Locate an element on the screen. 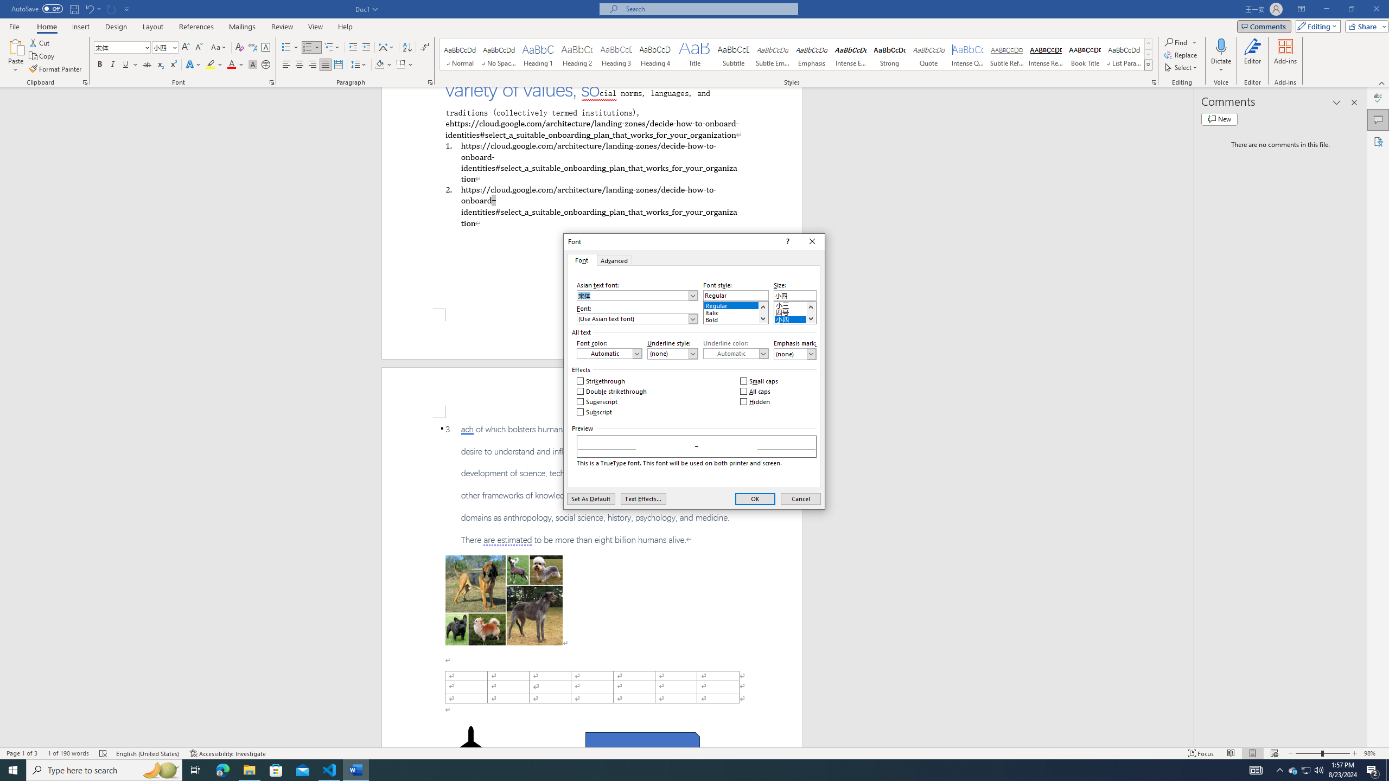  'Search highlights icon opens search home window' is located at coordinates (160, 769).